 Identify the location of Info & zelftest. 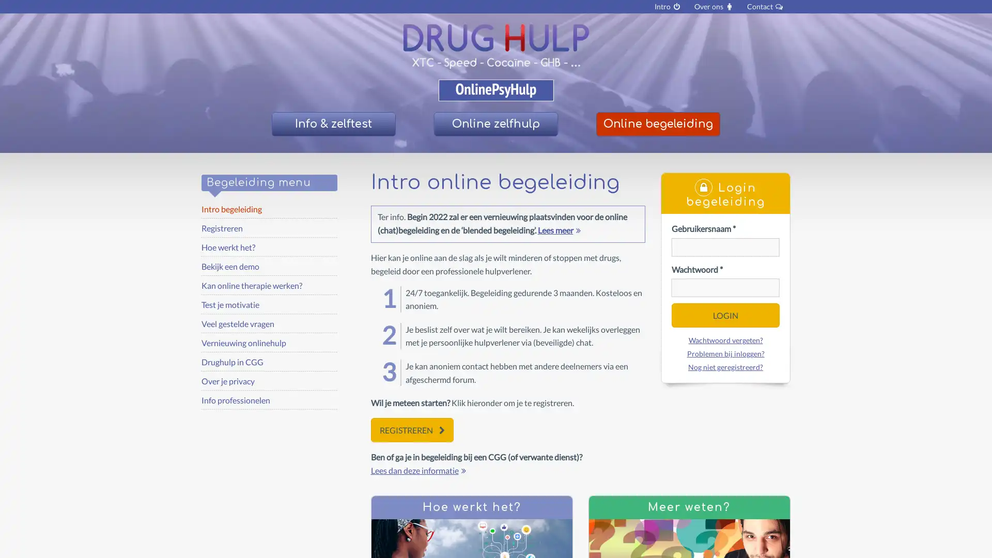
(333, 123).